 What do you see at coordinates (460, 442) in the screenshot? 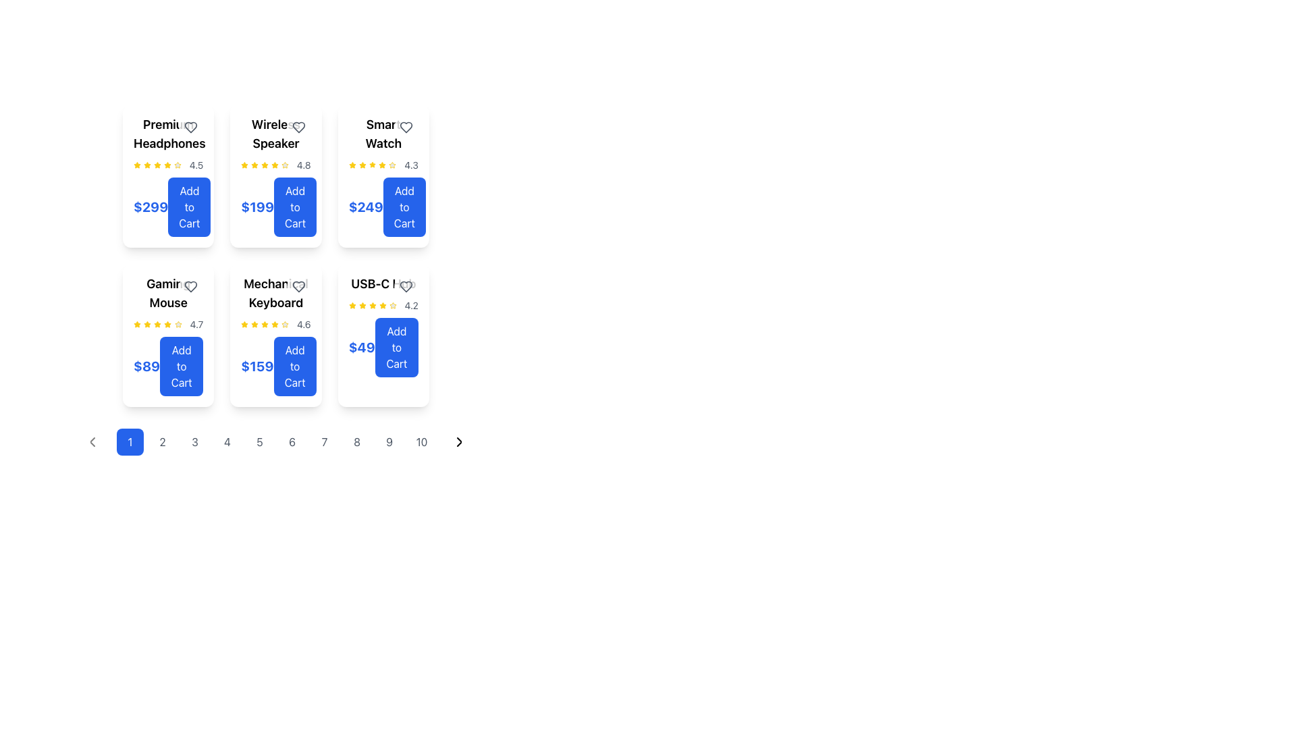
I see `the pagination control button located at the far-right end of the pagination section` at bounding box center [460, 442].